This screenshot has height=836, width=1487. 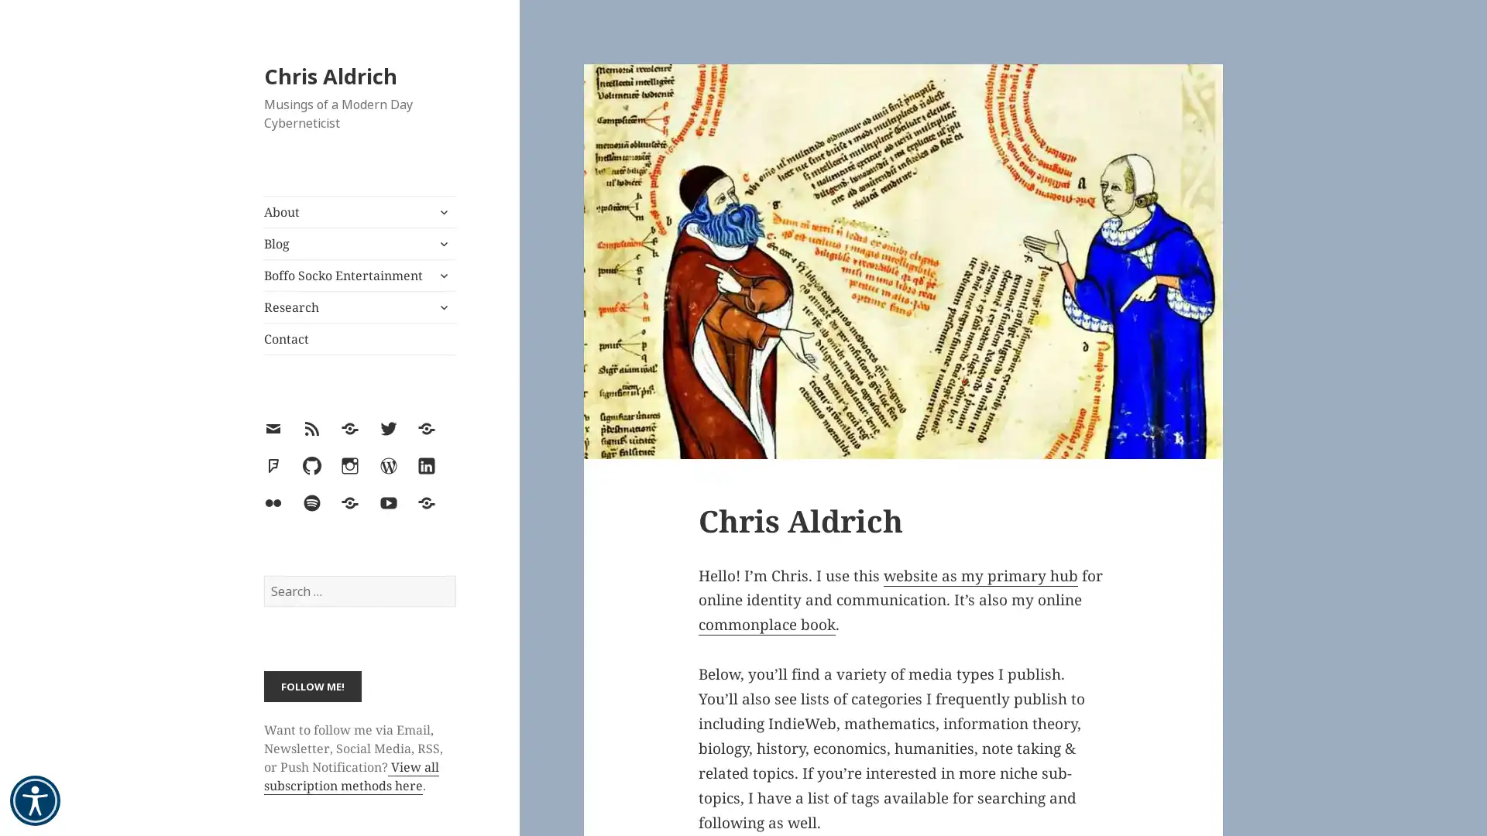 I want to click on expand child menu, so click(x=441, y=211).